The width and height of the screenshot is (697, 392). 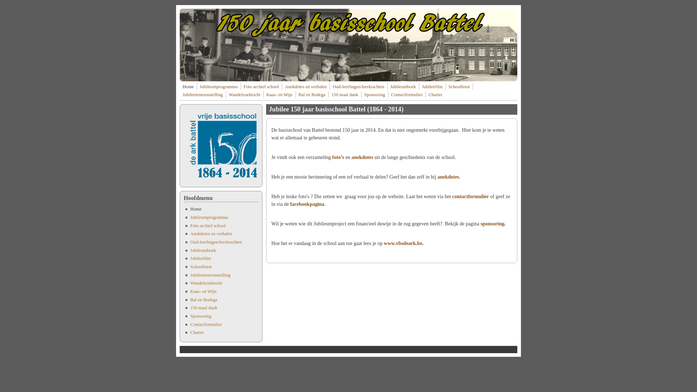 What do you see at coordinates (359, 86) in the screenshot?
I see `'Oud-leerlingen/leerkrachten'` at bounding box center [359, 86].